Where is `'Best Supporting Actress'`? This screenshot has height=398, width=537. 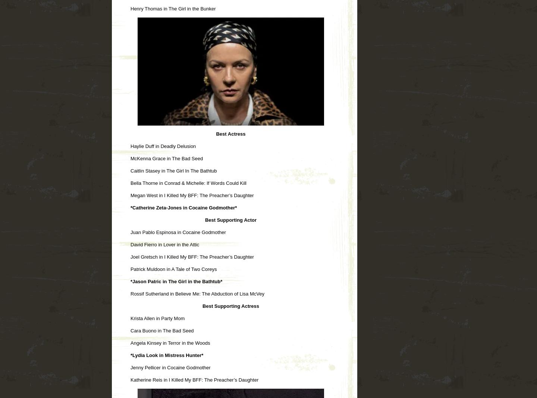 'Best Supporting Actress' is located at coordinates (202, 305).